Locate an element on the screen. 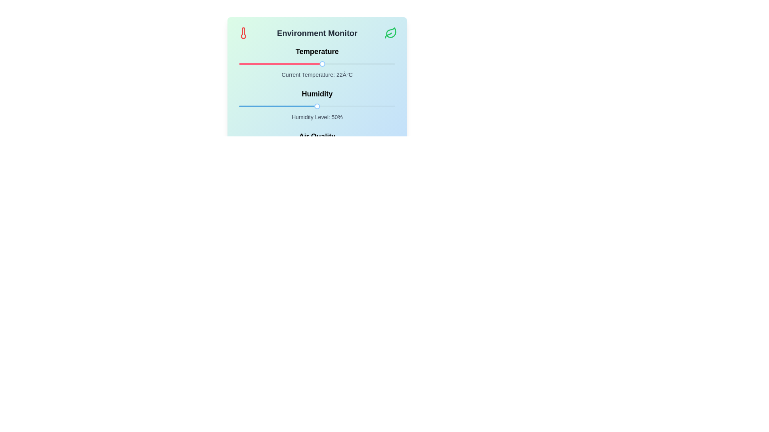 This screenshot has width=769, height=432. humidity is located at coordinates (264, 106).